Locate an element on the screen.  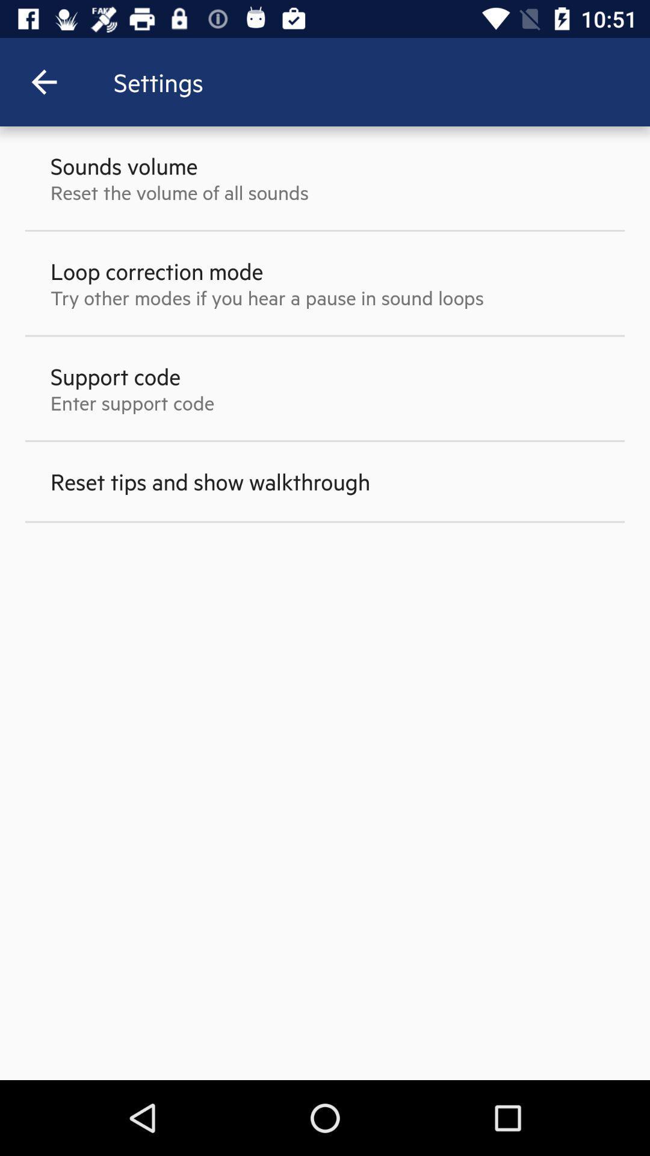
the icon above try other modes icon is located at coordinates (156, 270).